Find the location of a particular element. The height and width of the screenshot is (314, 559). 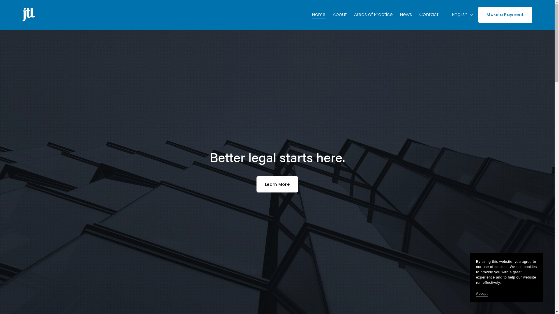

'Learn More' is located at coordinates (277, 184).